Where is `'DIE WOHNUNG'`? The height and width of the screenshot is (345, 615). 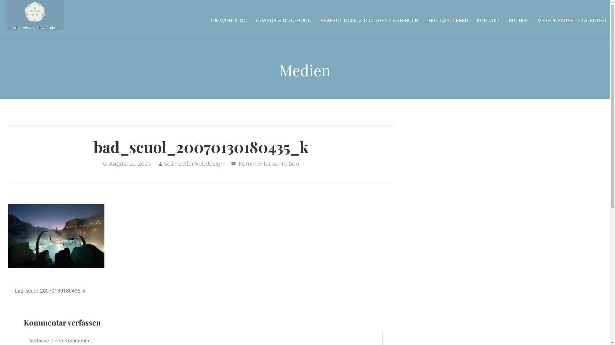
'DIE WOHNUNG' is located at coordinates (229, 19).